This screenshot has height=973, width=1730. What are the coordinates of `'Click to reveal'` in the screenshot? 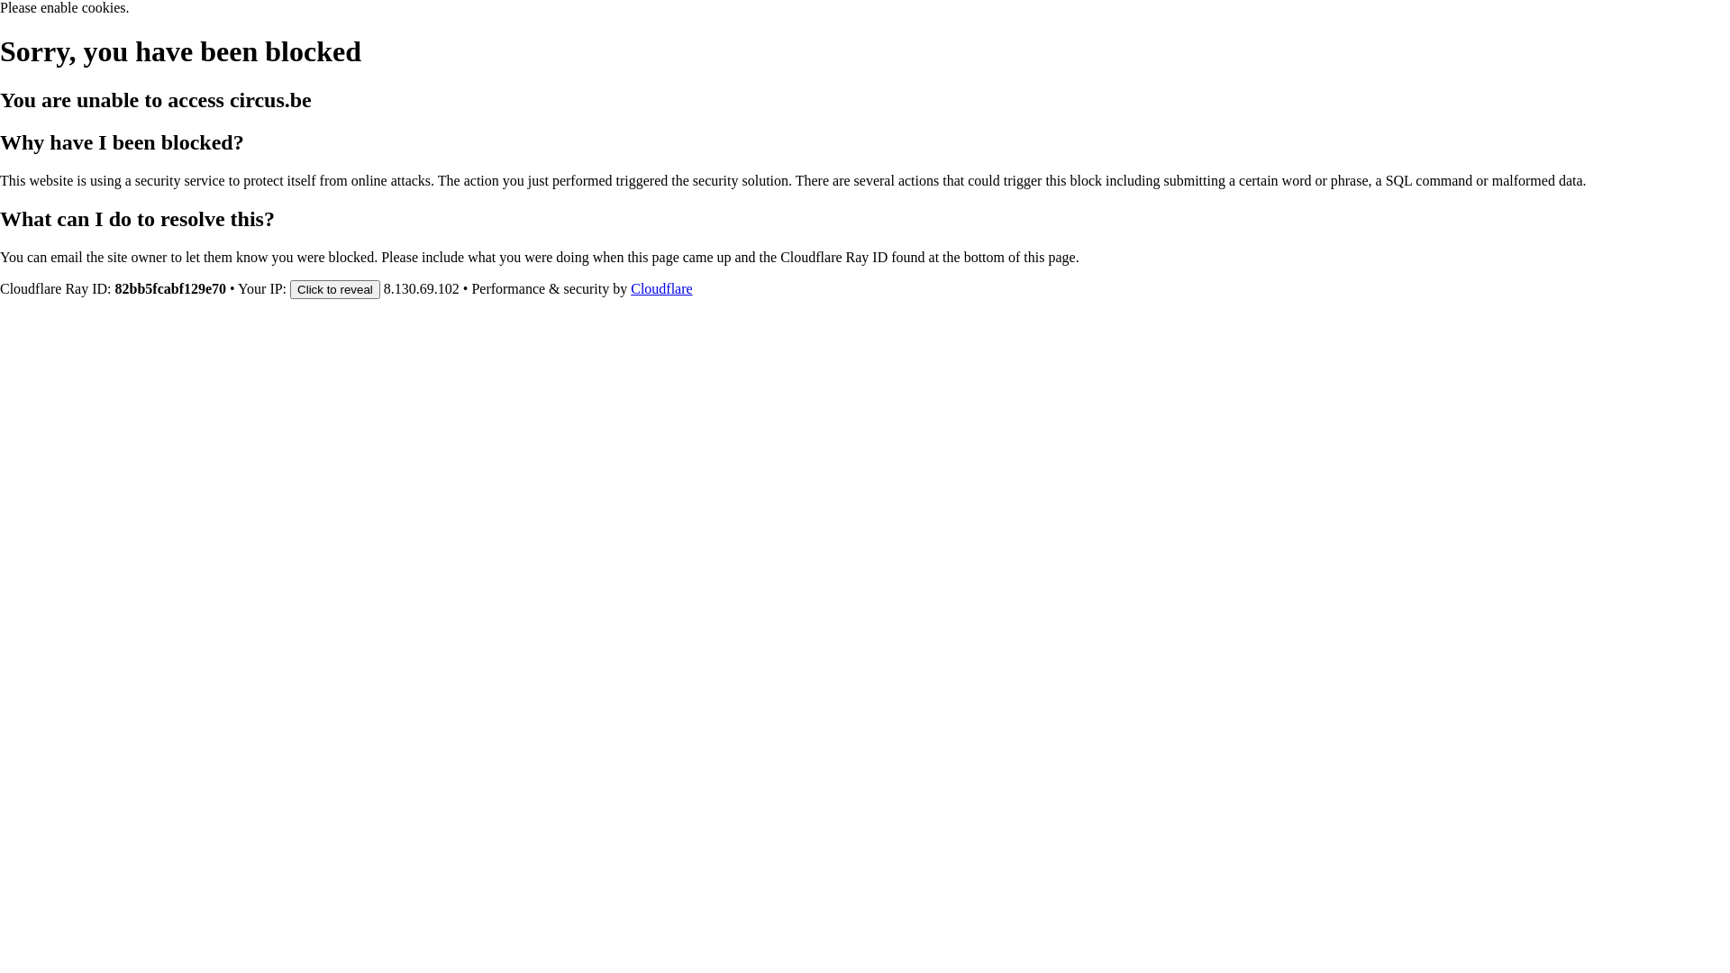 It's located at (334, 287).